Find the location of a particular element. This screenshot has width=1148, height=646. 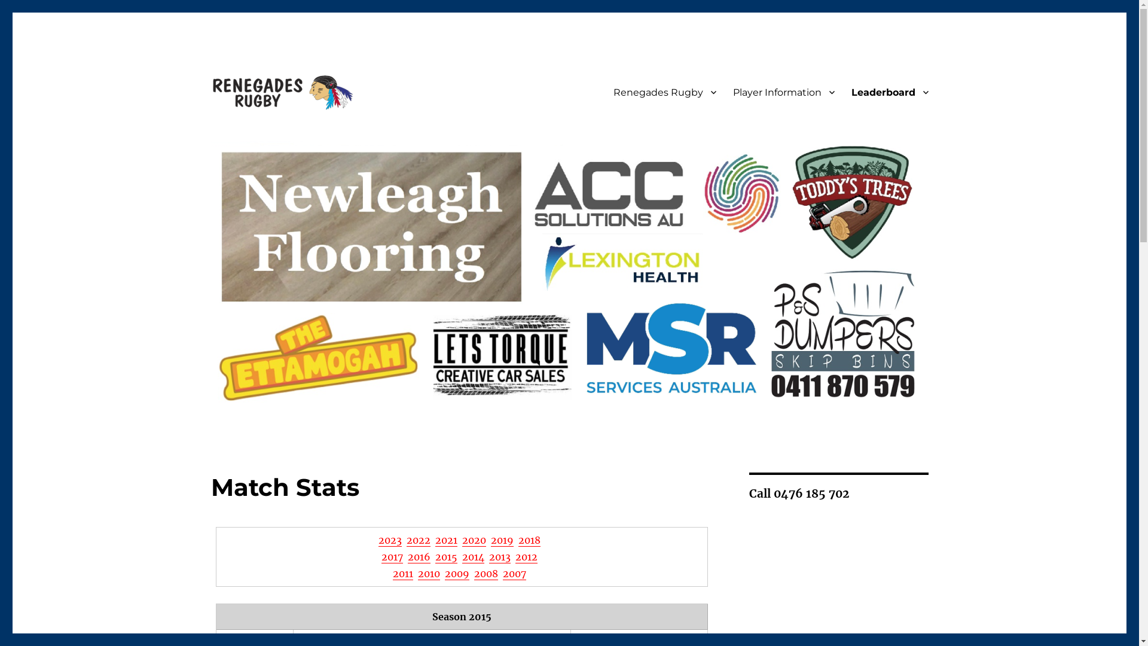

'2007' is located at coordinates (514, 573).